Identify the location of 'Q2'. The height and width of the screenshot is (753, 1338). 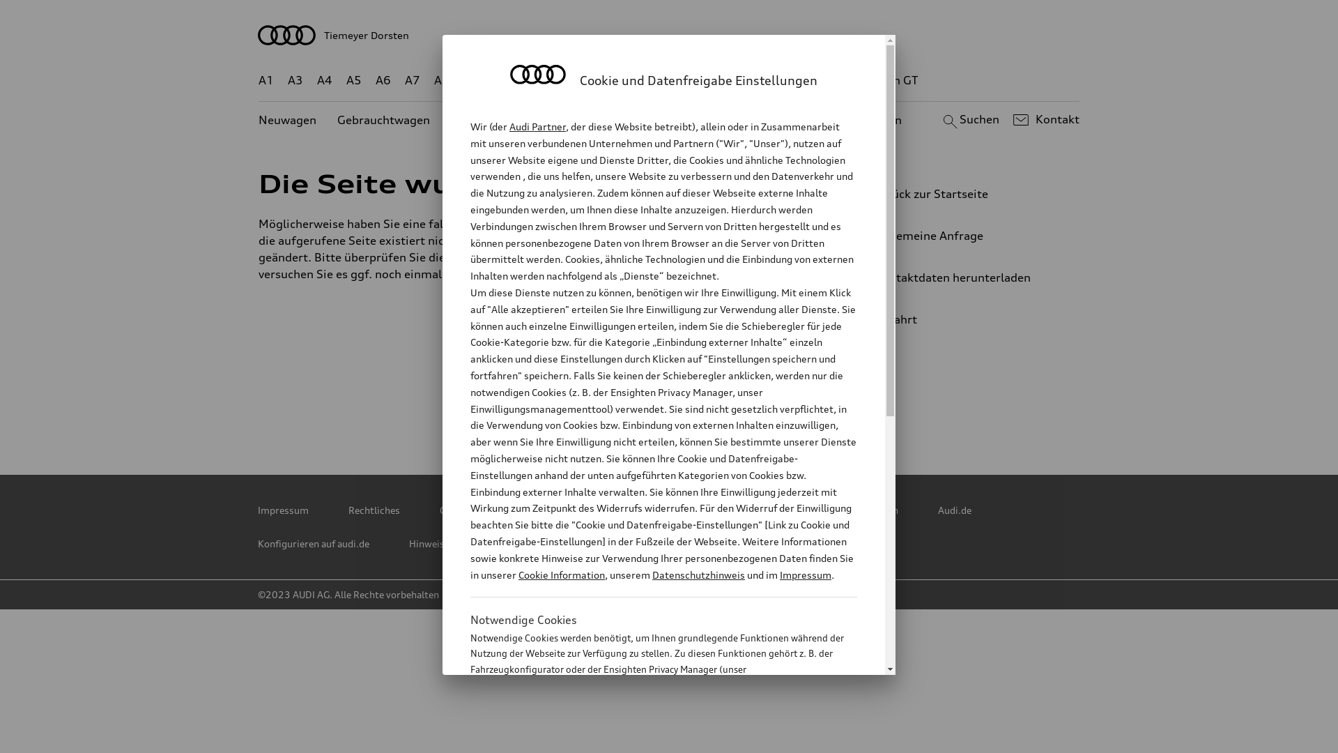
(471, 80).